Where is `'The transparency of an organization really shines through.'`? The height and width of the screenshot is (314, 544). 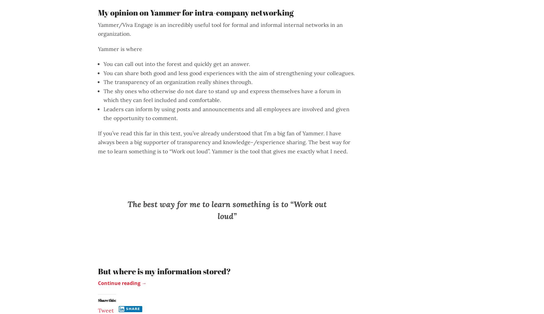
'The transparency of an organization really shines through.' is located at coordinates (178, 82).